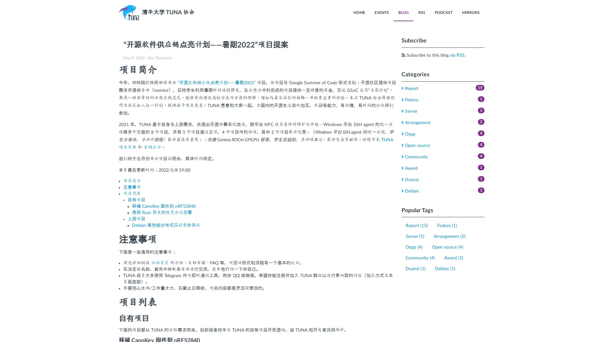 The width and height of the screenshot is (608, 342). I want to click on Report (15), so click(416, 225).